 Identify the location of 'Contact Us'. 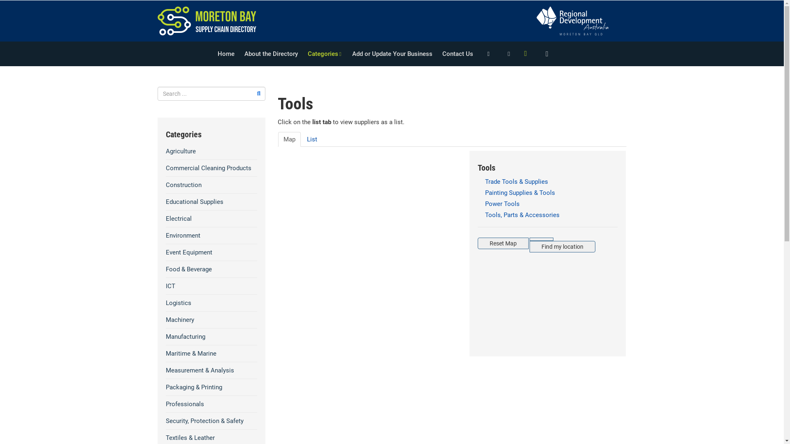
(437, 54).